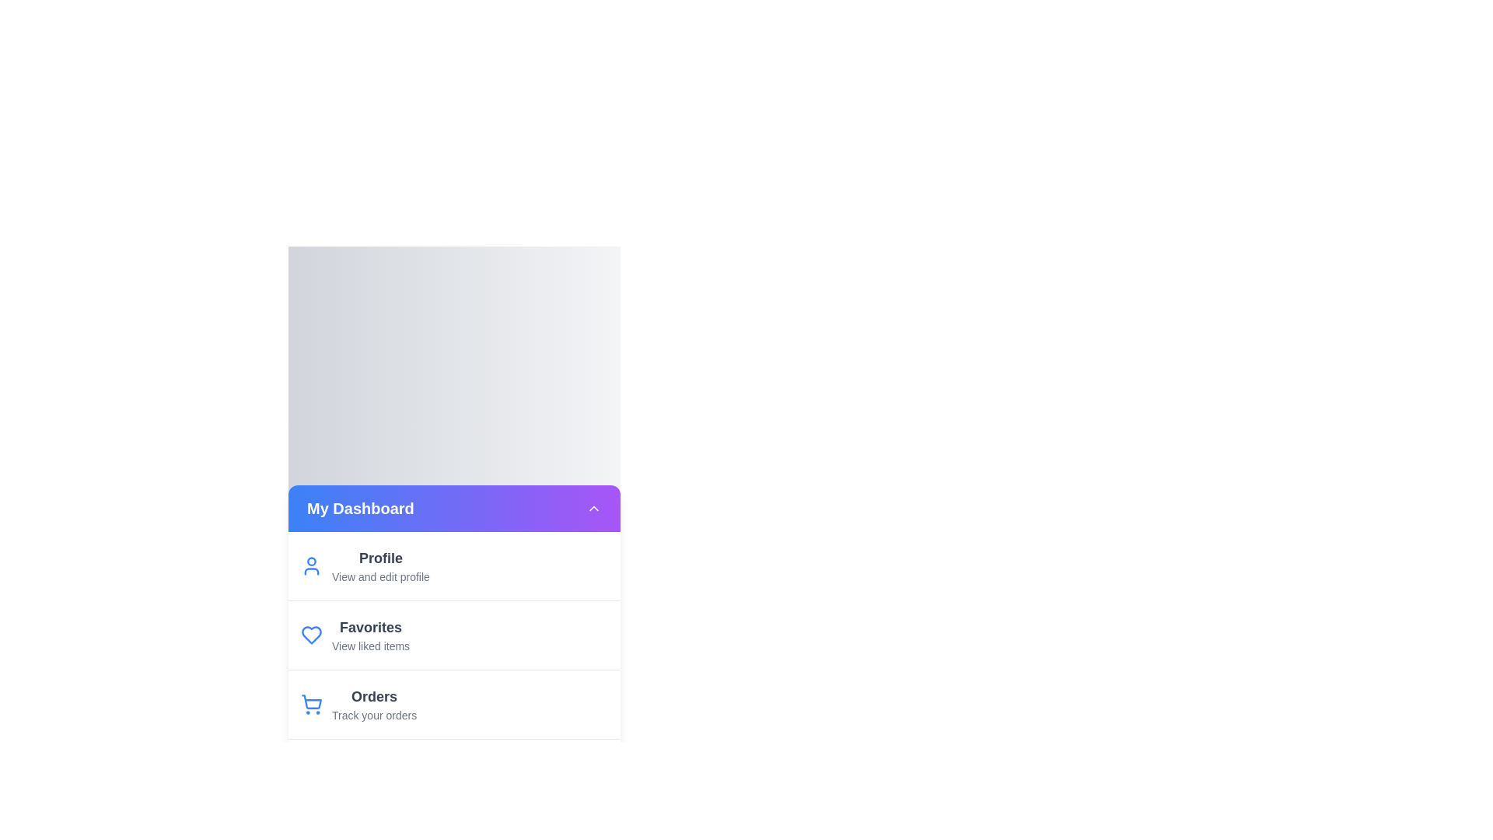 Image resolution: width=1493 pixels, height=840 pixels. I want to click on the menu item labeled Favorites, so click(453, 635).